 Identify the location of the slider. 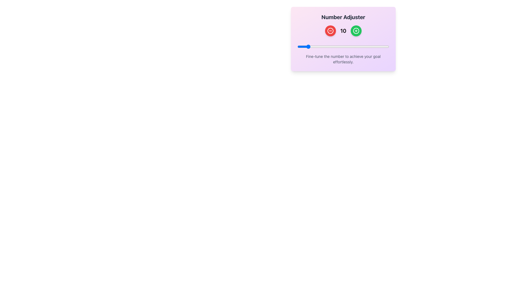
(359, 46).